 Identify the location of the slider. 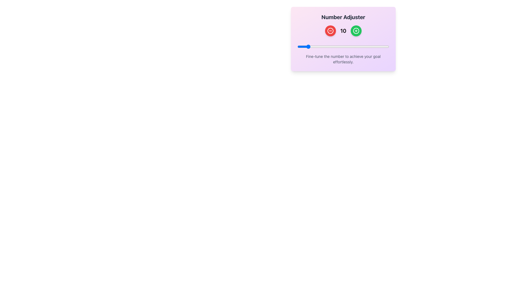
(359, 46).